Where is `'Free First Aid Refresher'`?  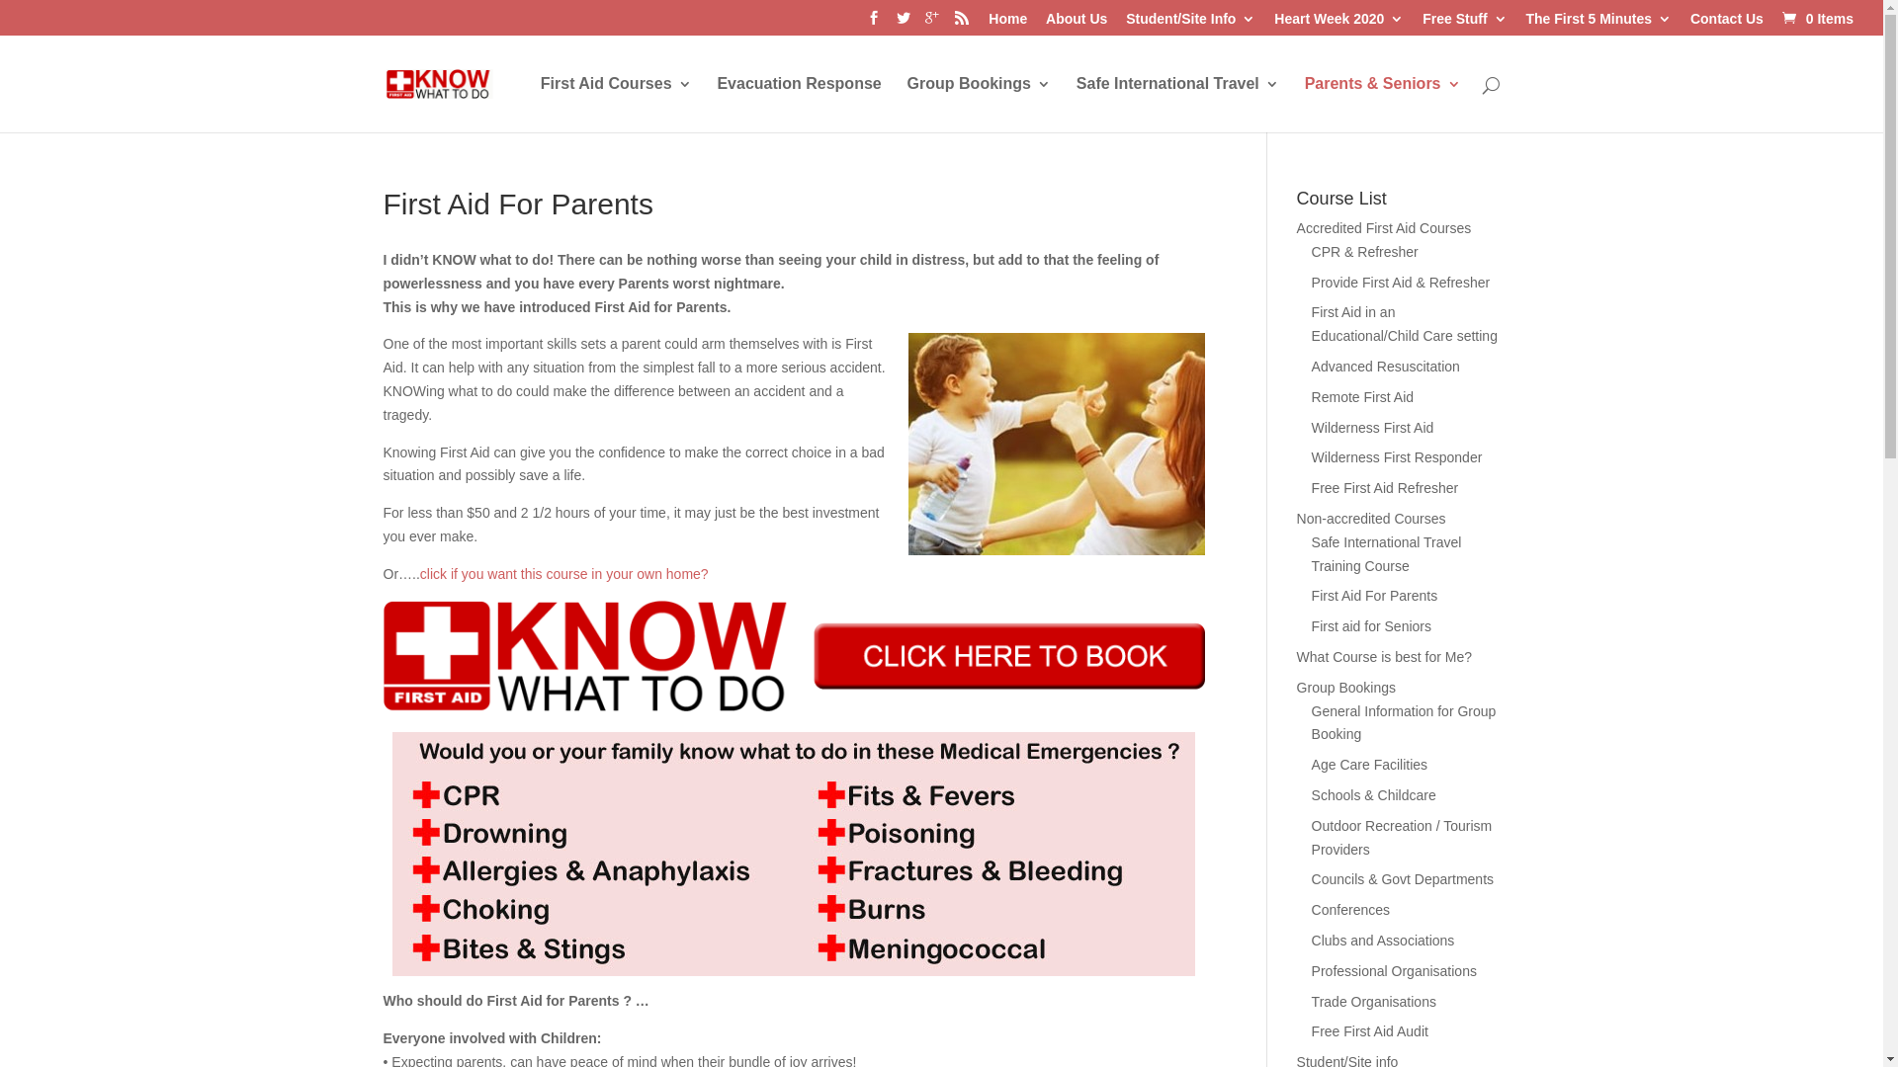
'Free First Aid Refresher' is located at coordinates (1384, 487).